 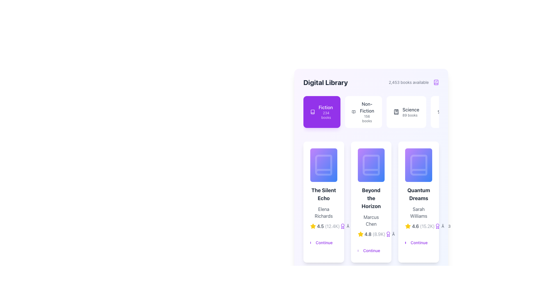 What do you see at coordinates (372, 250) in the screenshot?
I see `the button located at the bottom of the 'Beyond the Horizon' card` at bounding box center [372, 250].